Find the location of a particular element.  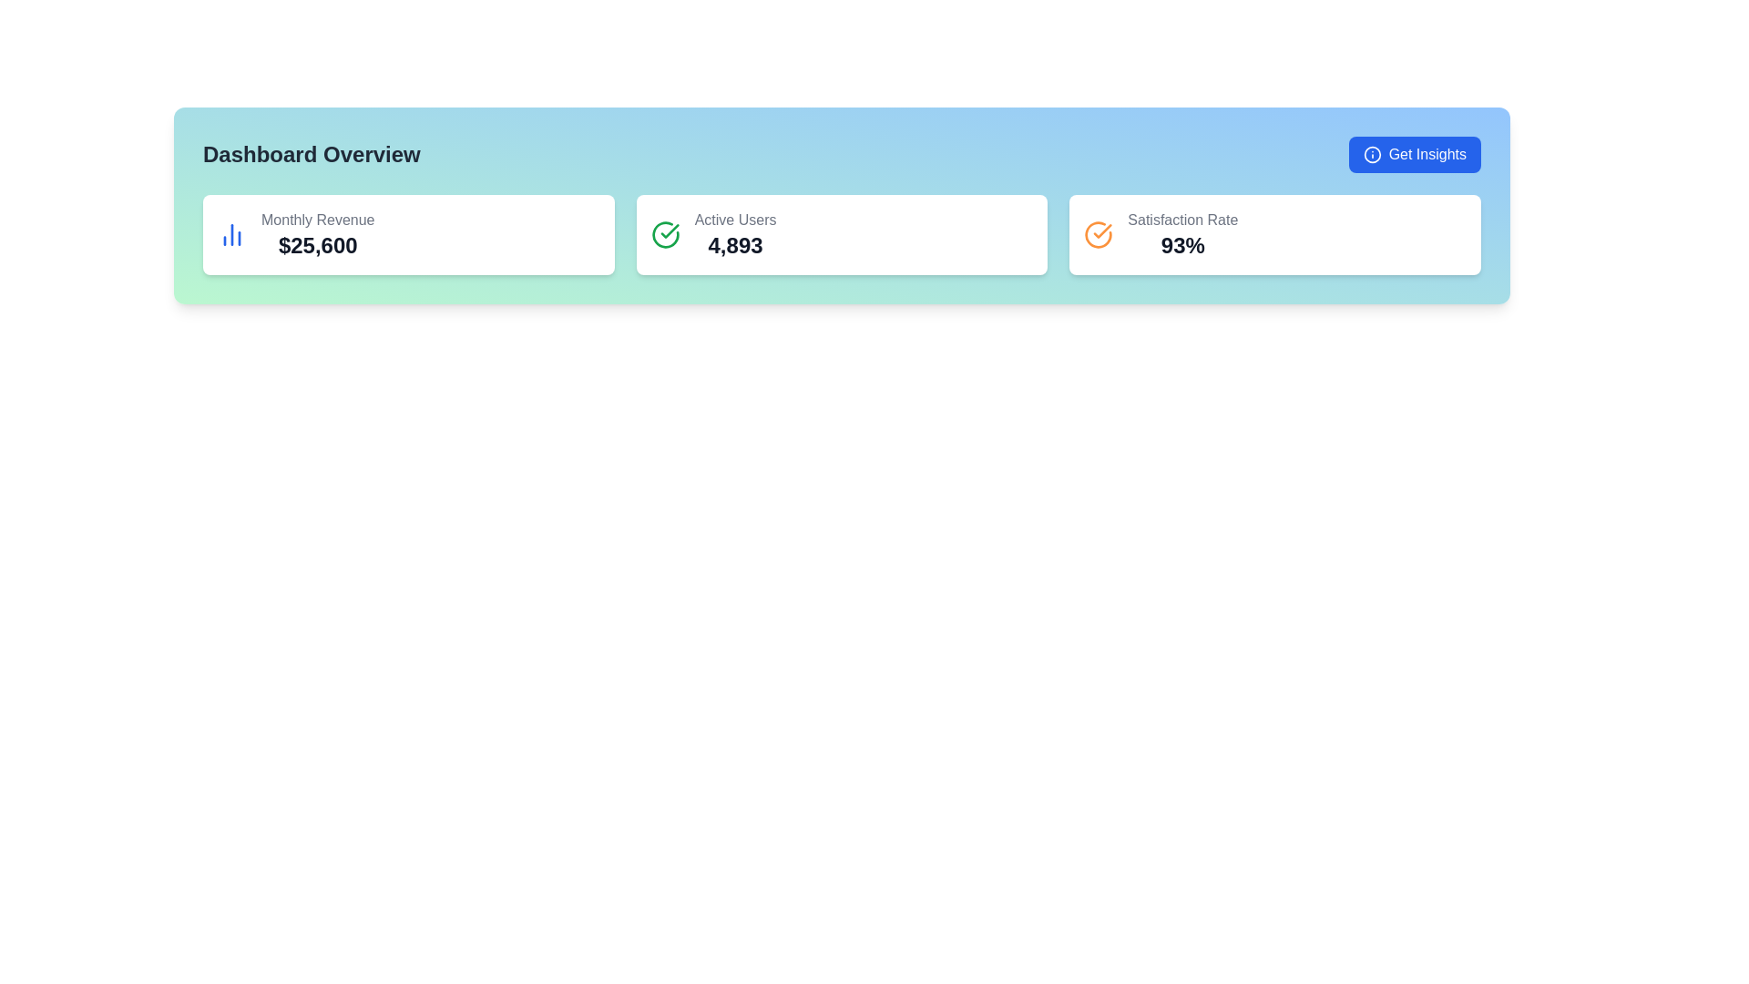

the blue graphic icon featuring a chart with three vertical bars, located to the left of the 'Monthly Revenue' text and the amount '$25,600' is located at coordinates (230, 234).